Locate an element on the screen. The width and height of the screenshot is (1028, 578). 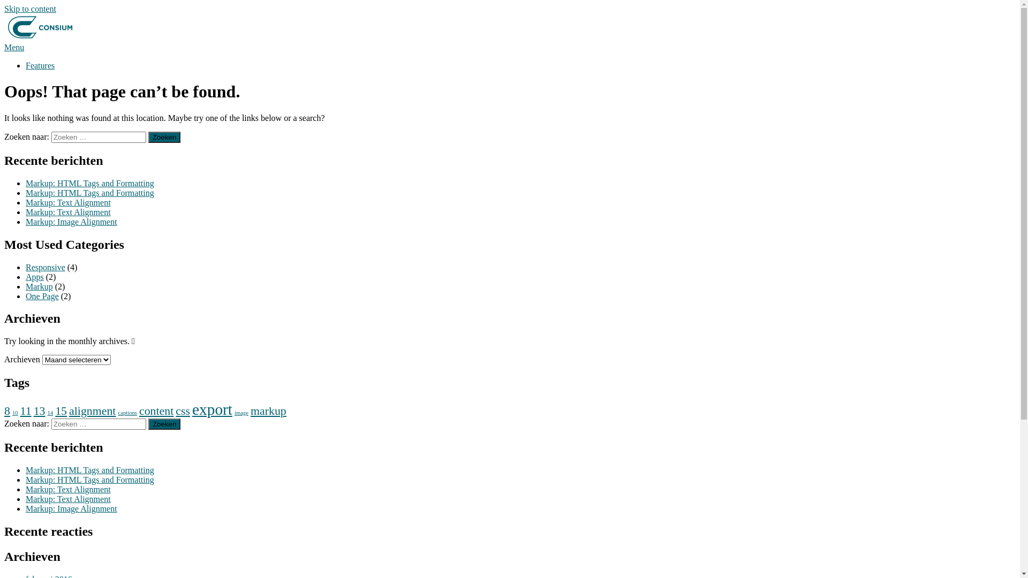
'markup' is located at coordinates (268, 410).